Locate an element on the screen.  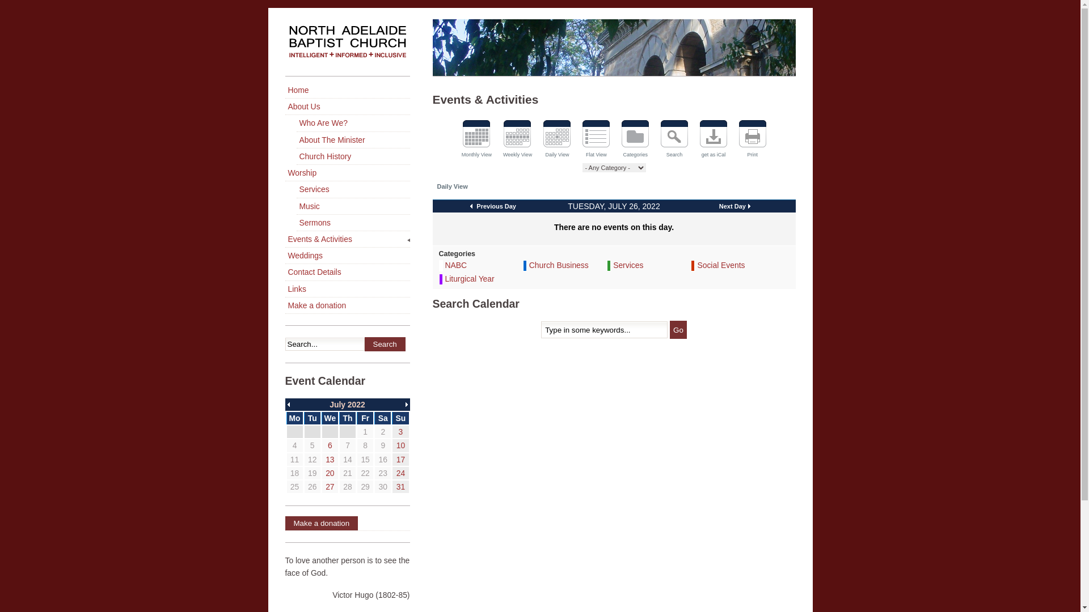
'Social Events' is located at coordinates (720, 265).